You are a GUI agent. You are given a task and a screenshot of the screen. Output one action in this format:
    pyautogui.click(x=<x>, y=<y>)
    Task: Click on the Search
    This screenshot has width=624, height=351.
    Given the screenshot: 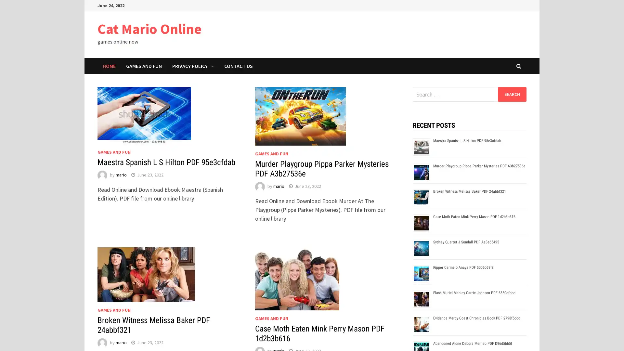 What is the action you would take?
    pyautogui.click(x=512, y=94)
    